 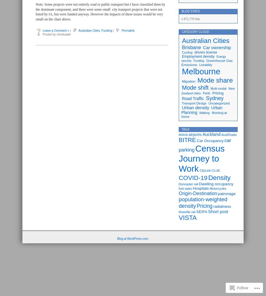 What do you see at coordinates (207, 62) in the screenshot?
I see `'Greenhouse Gas Emissions'` at bounding box center [207, 62].